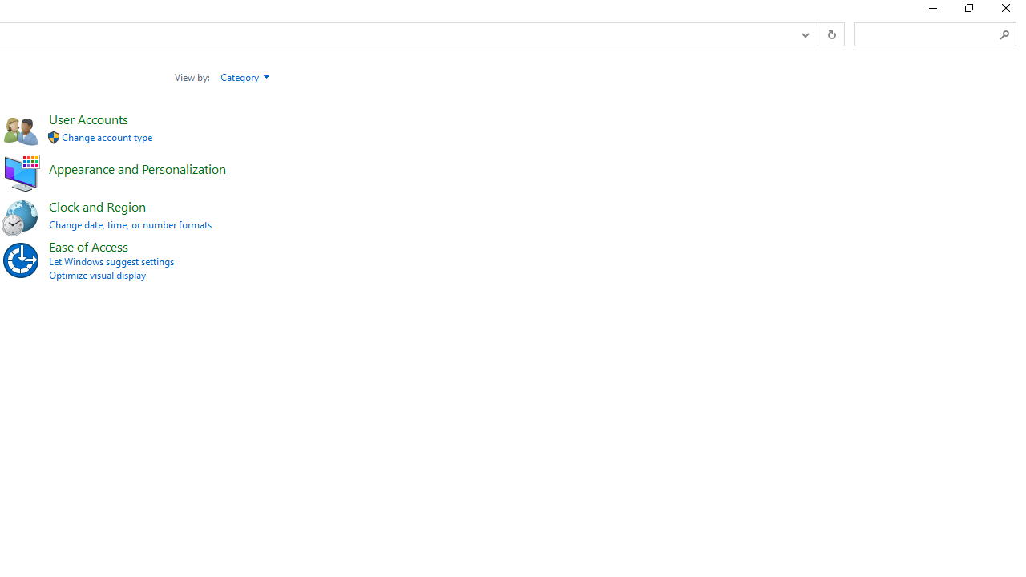  Describe the element at coordinates (818, 34) in the screenshot. I see `'Address band toolbar'` at that location.